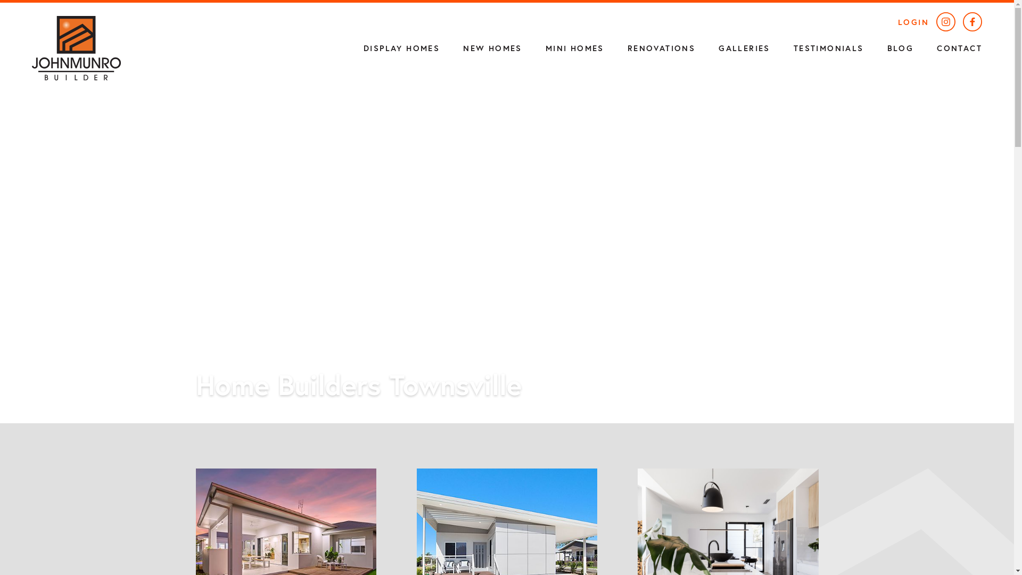  I want to click on 'BLOG', so click(900, 47).